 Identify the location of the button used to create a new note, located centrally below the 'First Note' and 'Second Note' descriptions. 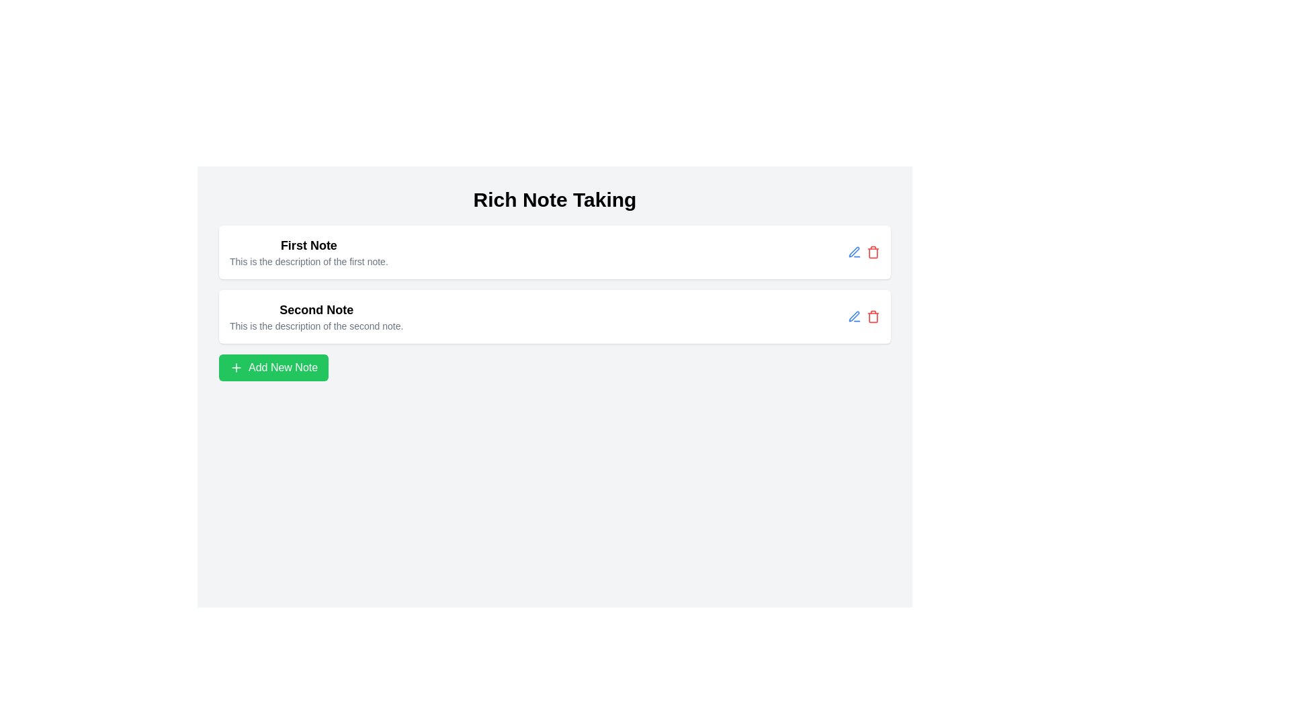
(273, 367).